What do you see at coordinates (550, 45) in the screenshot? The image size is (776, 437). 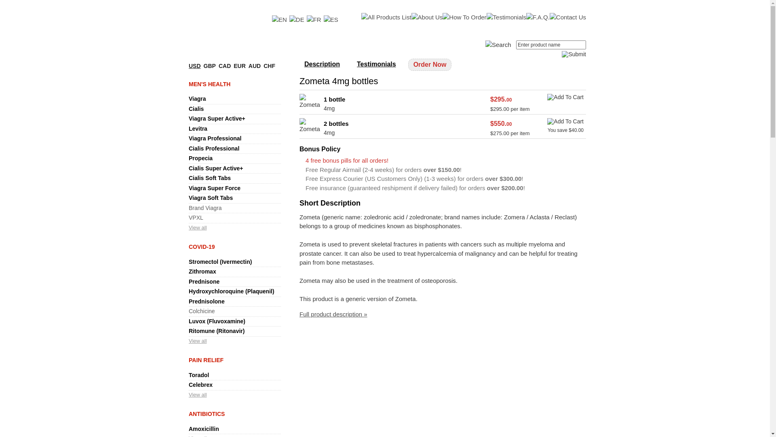 I see `'Enter product name'` at bounding box center [550, 45].